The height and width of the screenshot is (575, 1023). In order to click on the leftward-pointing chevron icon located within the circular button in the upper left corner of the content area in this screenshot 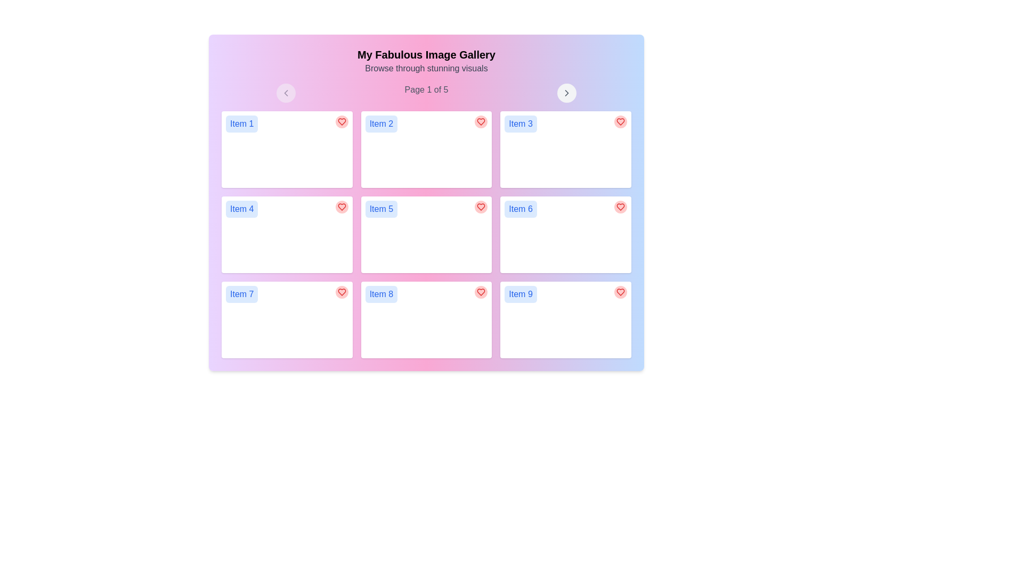, I will do `click(286, 92)`.